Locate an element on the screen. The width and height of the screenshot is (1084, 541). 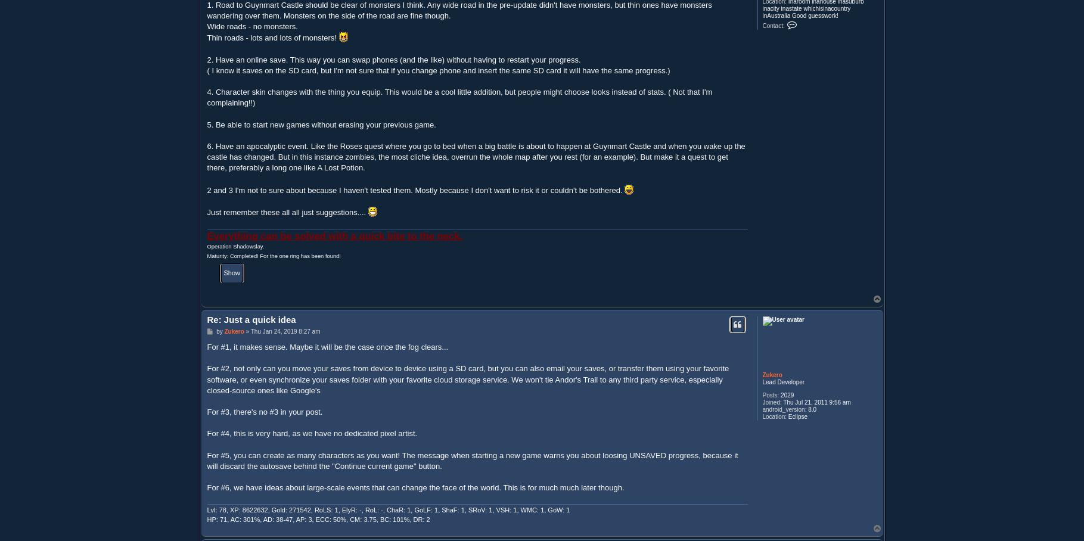
'8.0' is located at coordinates (810, 408).